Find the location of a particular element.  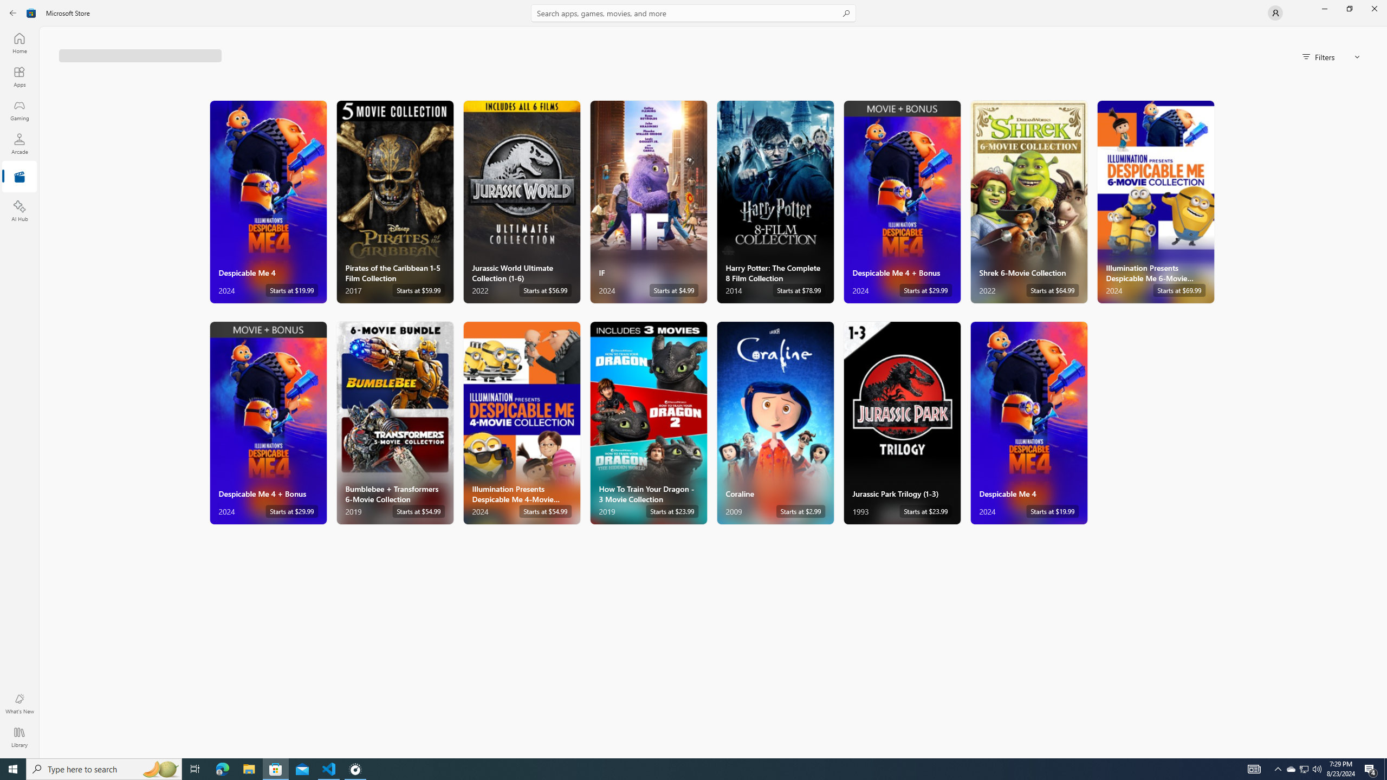

'Close Microsoft Store' is located at coordinates (1373, 8).